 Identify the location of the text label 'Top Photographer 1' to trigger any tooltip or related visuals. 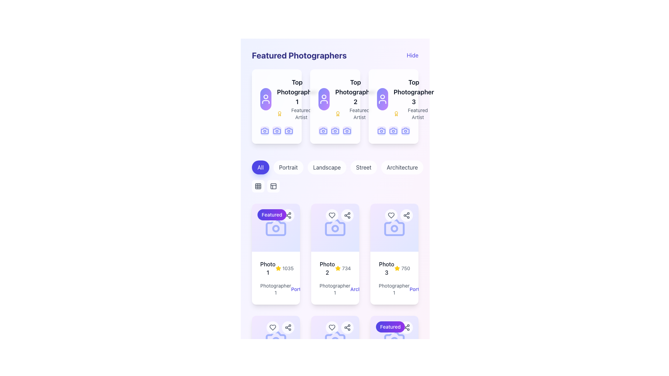
(297, 92).